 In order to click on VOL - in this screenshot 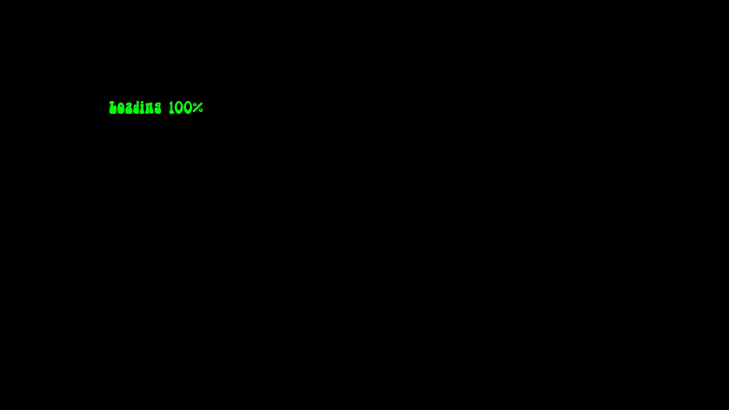, I will do `click(251, 152)`.